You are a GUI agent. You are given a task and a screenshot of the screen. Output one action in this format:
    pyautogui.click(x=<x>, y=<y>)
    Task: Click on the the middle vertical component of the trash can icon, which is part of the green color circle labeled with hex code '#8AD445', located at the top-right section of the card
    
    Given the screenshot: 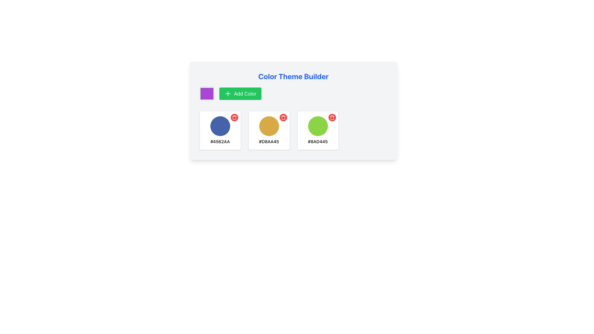 What is the action you would take?
    pyautogui.click(x=283, y=118)
    